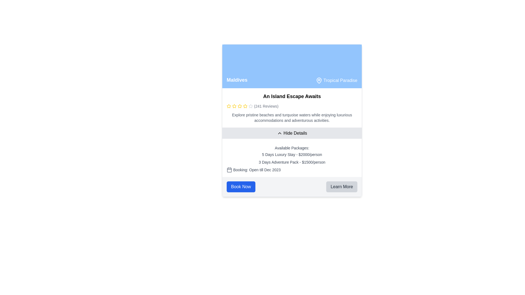 The image size is (525, 295). I want to click on the upward-pointing chevron icon with a thin black outline located on the left side of the 'Hide Details' button, so click(279, 133).